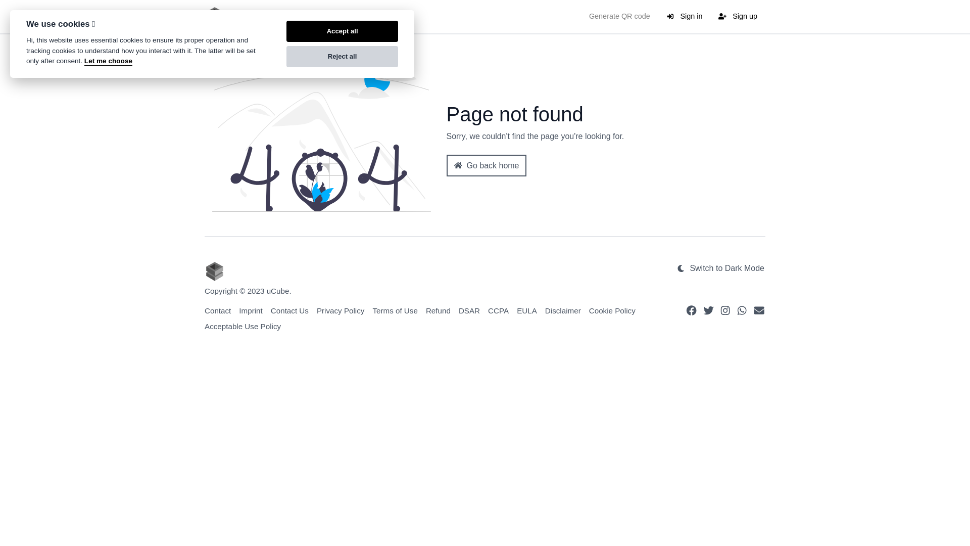  I want to click on 'Generate QR code', so click(619, 17).